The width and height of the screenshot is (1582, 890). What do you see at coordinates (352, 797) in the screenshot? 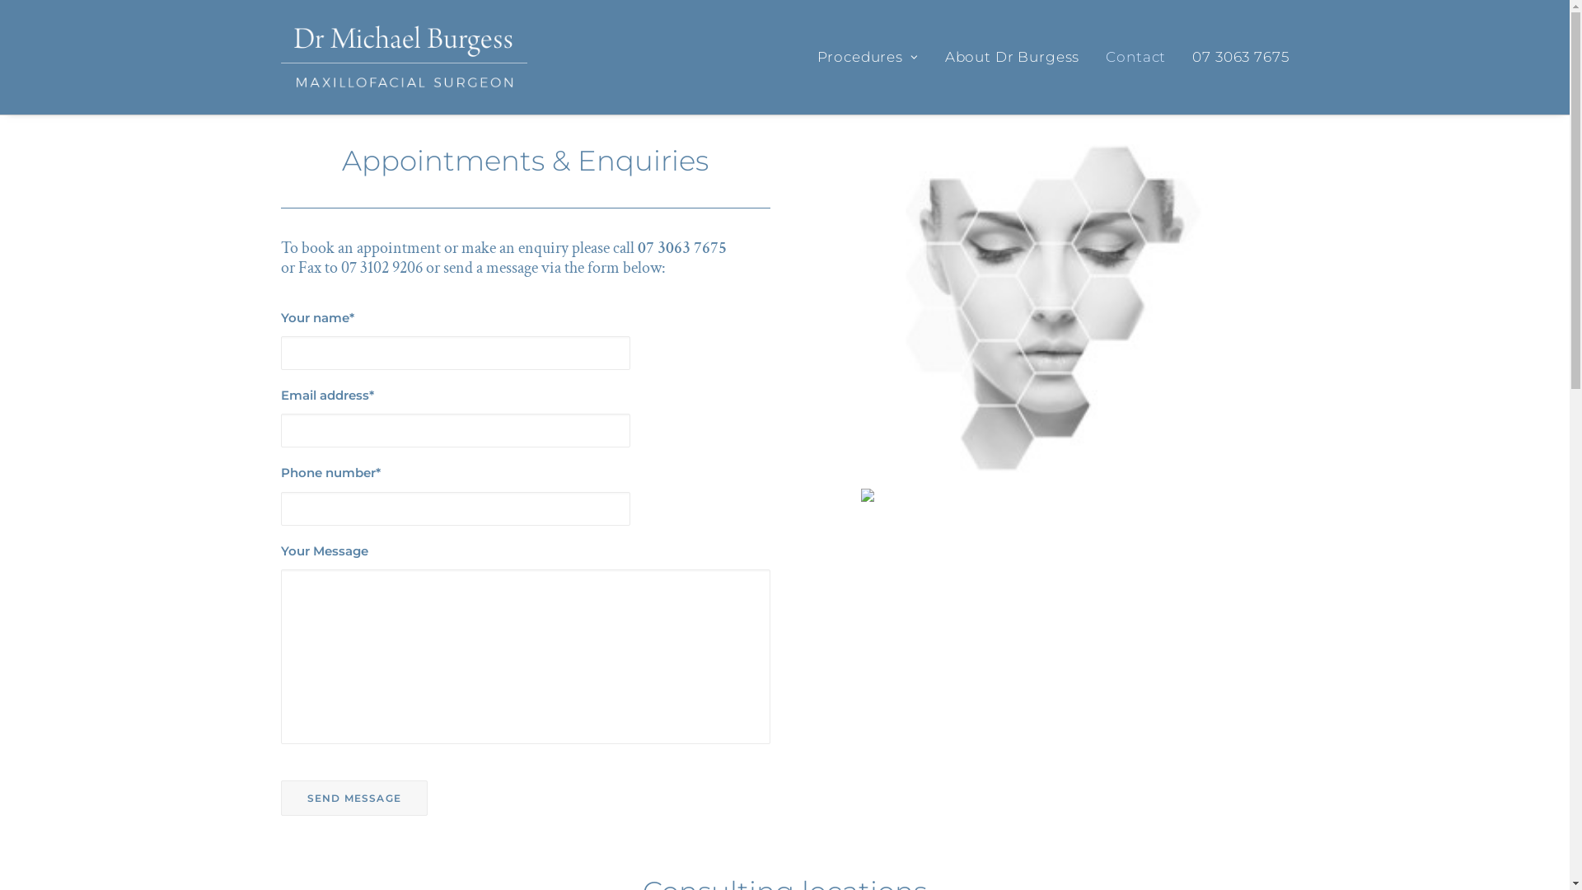
I see `'Send message'` at bounding box center [352, 797].